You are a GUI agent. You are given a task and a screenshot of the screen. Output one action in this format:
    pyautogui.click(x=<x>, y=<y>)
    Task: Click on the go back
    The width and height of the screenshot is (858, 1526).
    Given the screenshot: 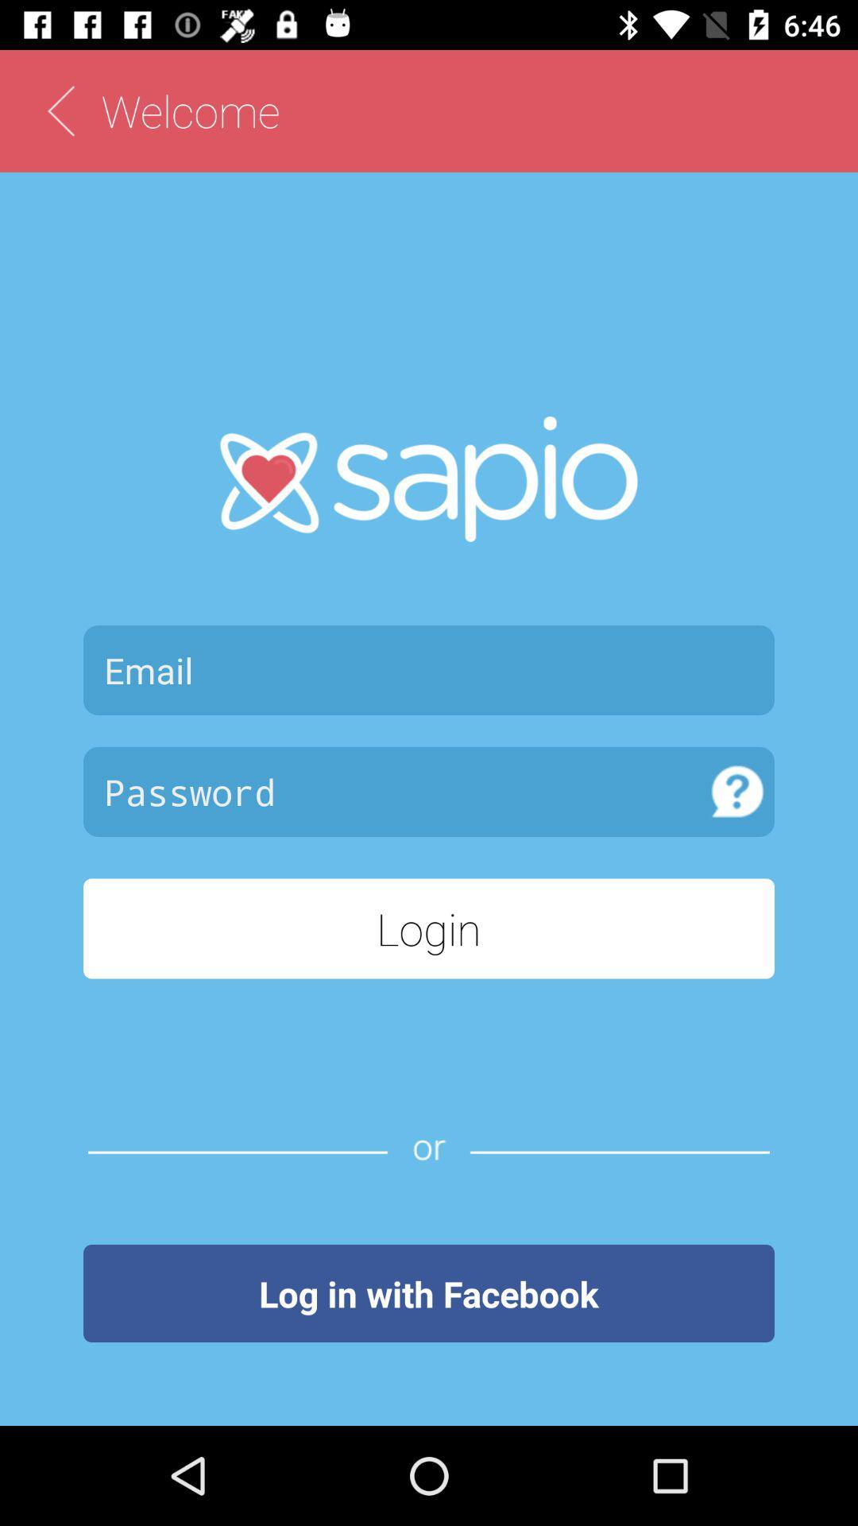 What is the action you would take?
    pyautogui.click(x=60, y=110)
    